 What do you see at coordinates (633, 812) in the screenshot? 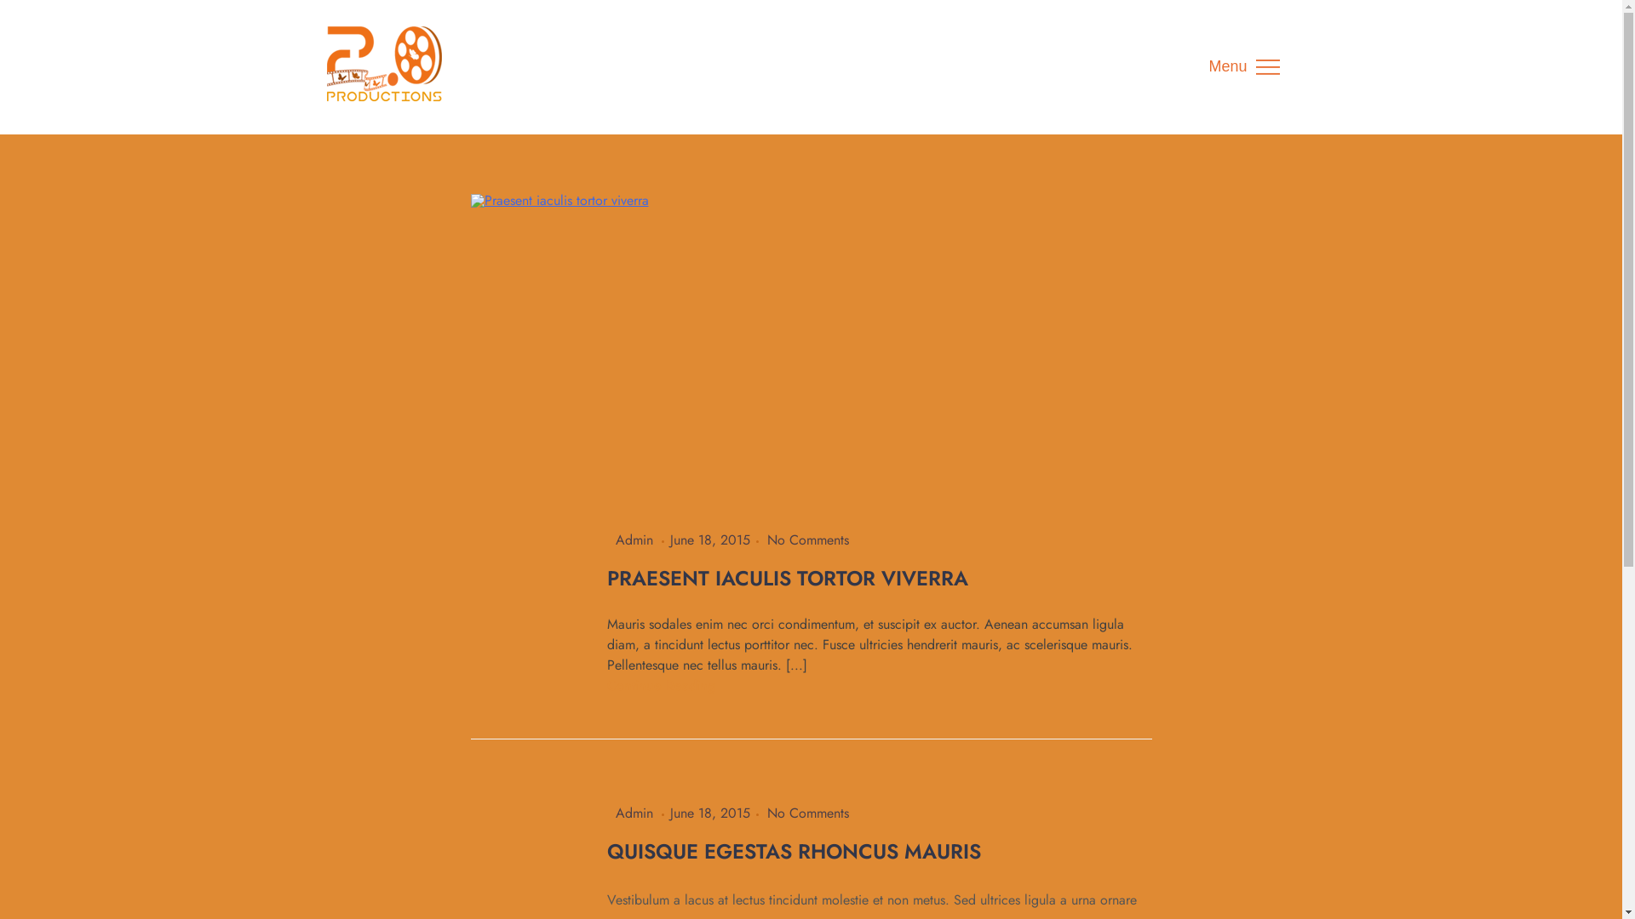
I see `'Admin'` at bounding box center [633, 812].